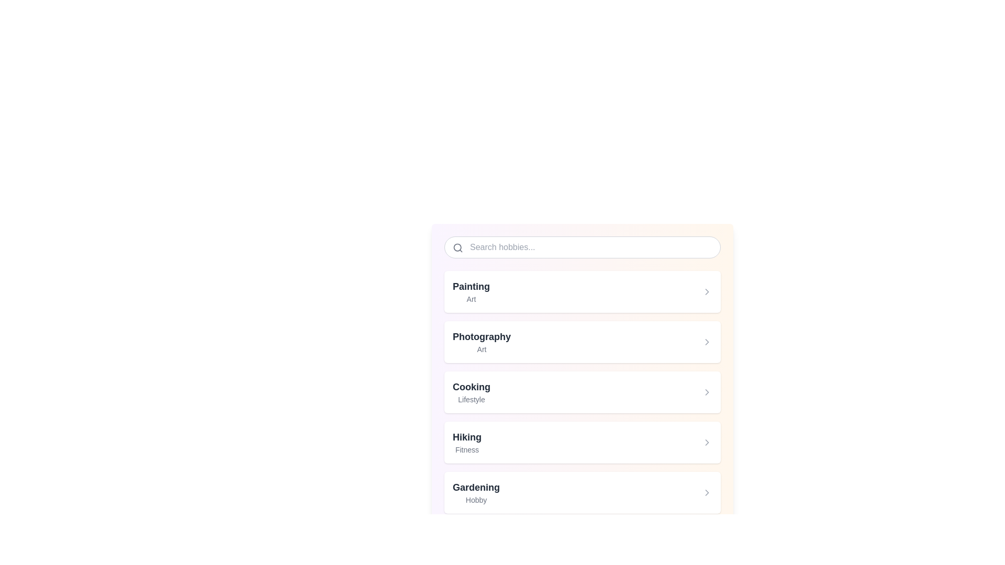 This screenshot has height=565, width=1005. Describe the element at coordinates (471, 387) in the screenshot. I see `the 'Cooking' text label, which is styled in bold and larger font, located within the third card of a vertically stacked list of categories` at that location.